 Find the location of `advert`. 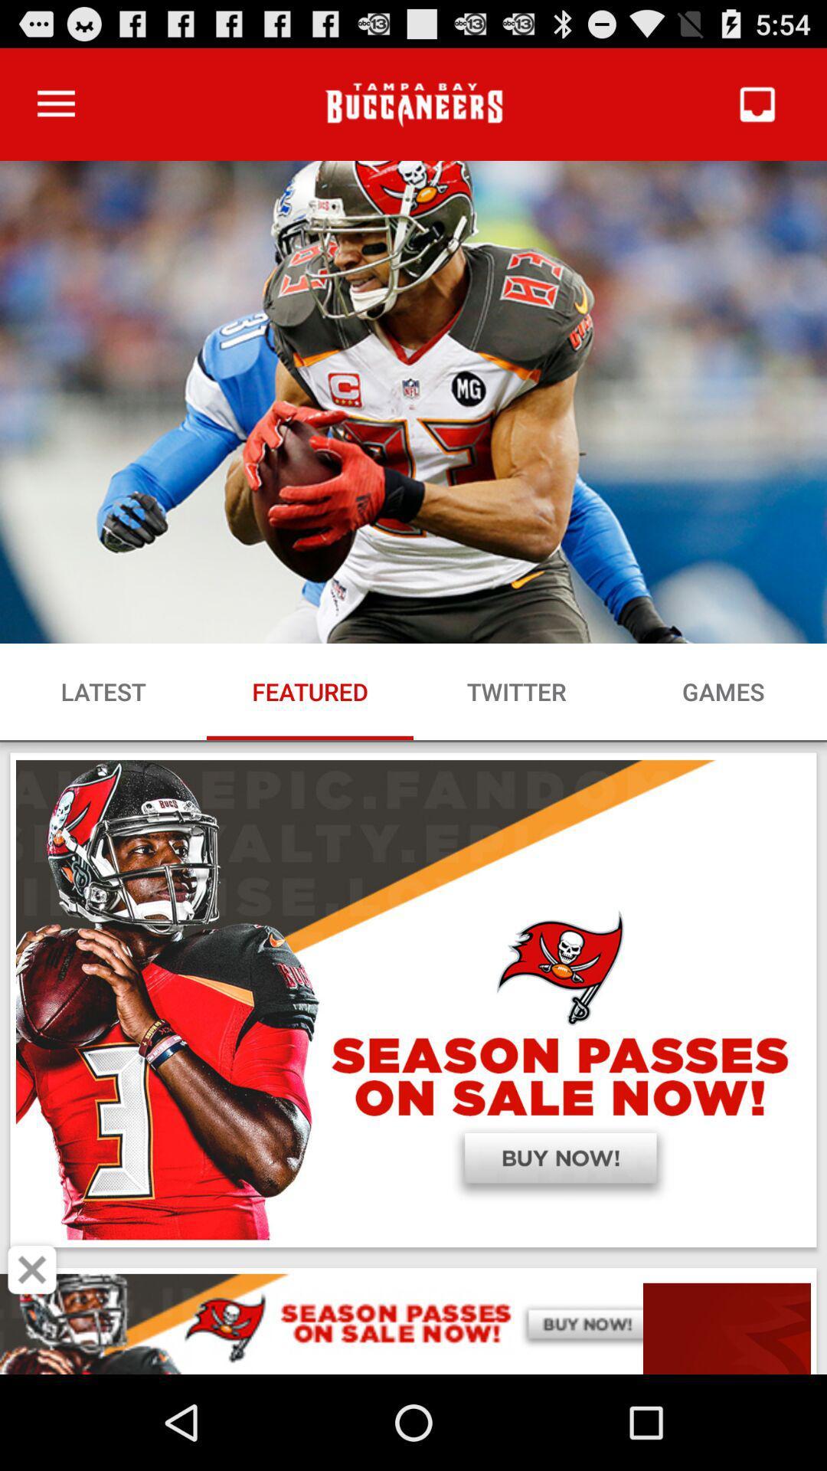

advert is located at coordinates (32, 1270).